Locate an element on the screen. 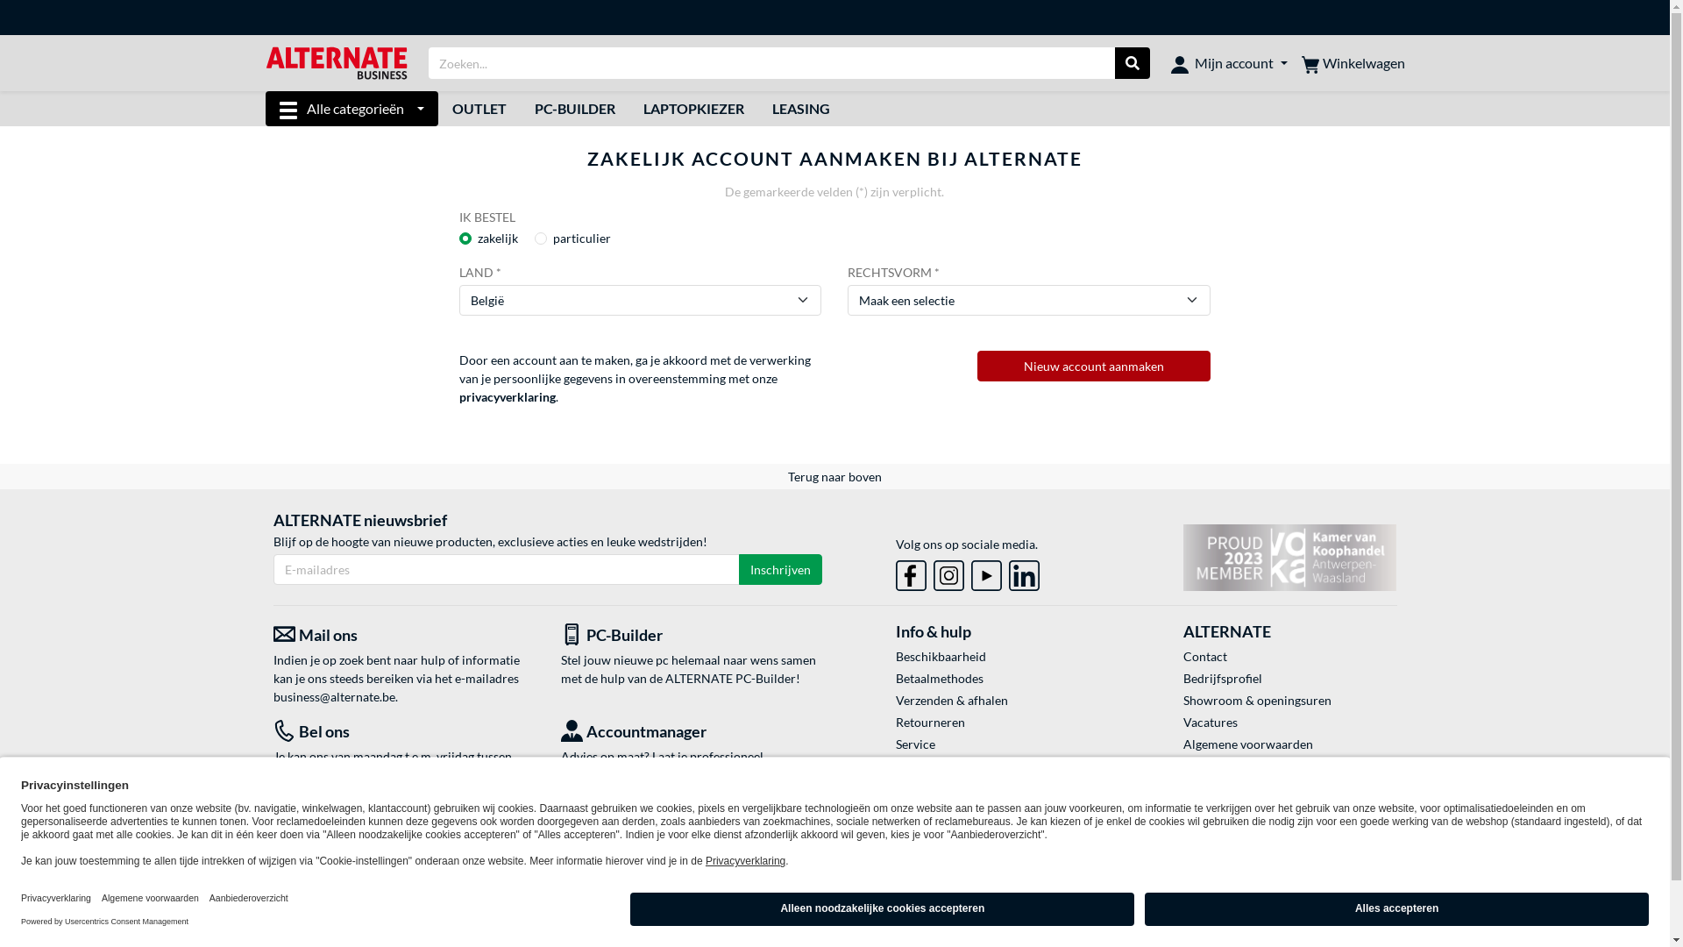 The height and width of the screenshot is (947, 1683). 'LEASING' is located at coordinates (799, 108).